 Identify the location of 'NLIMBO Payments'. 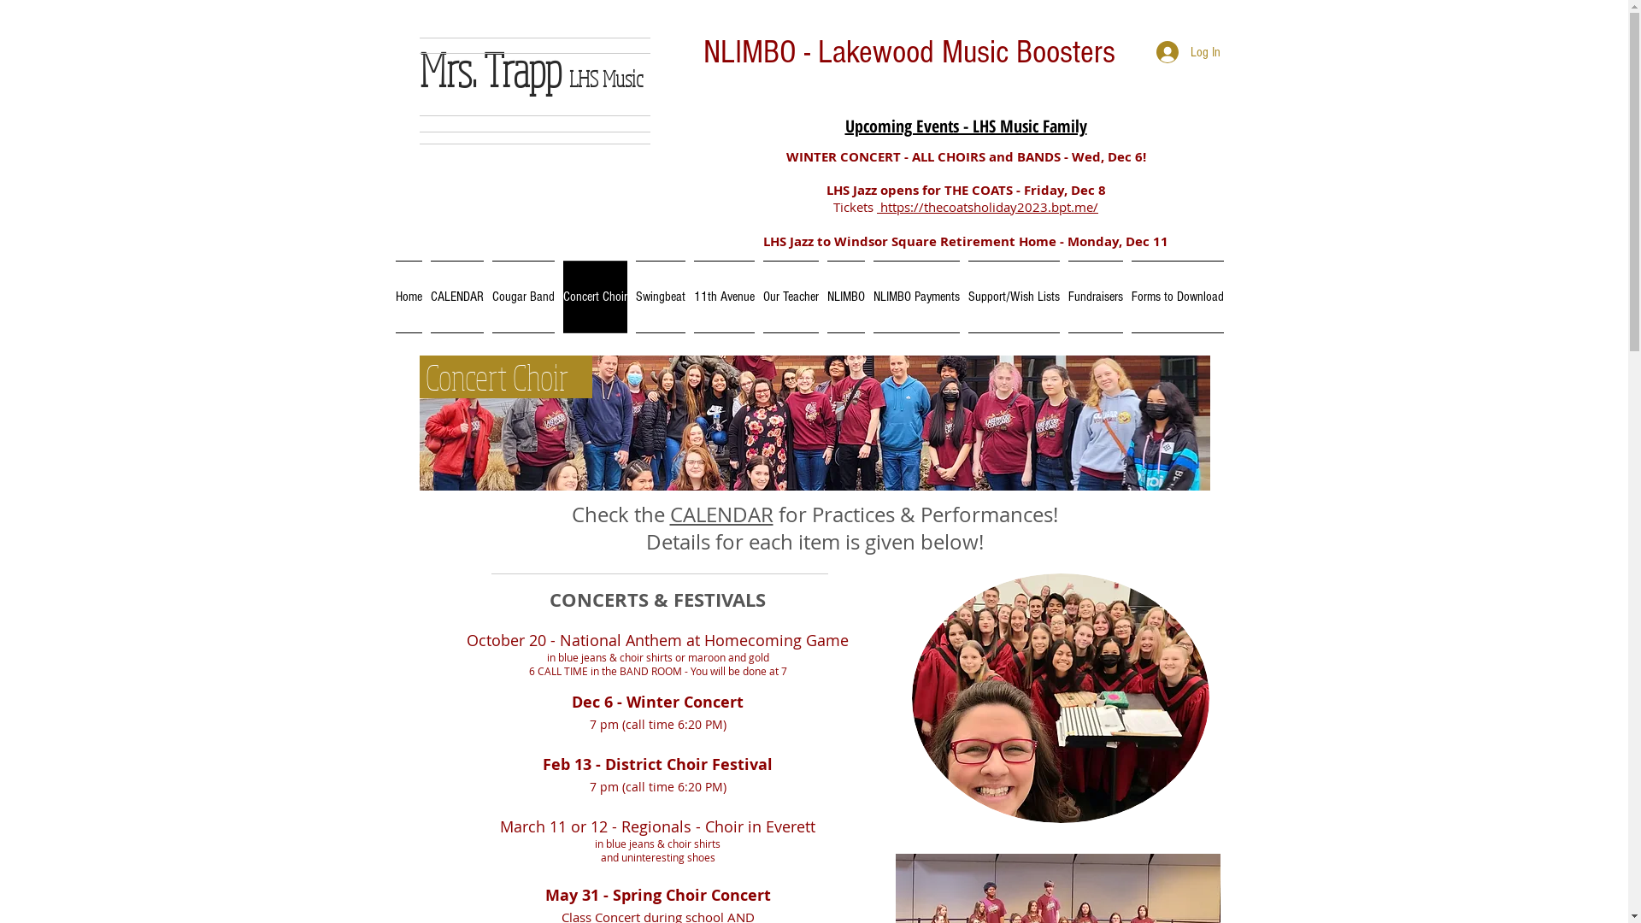
(915, 296).